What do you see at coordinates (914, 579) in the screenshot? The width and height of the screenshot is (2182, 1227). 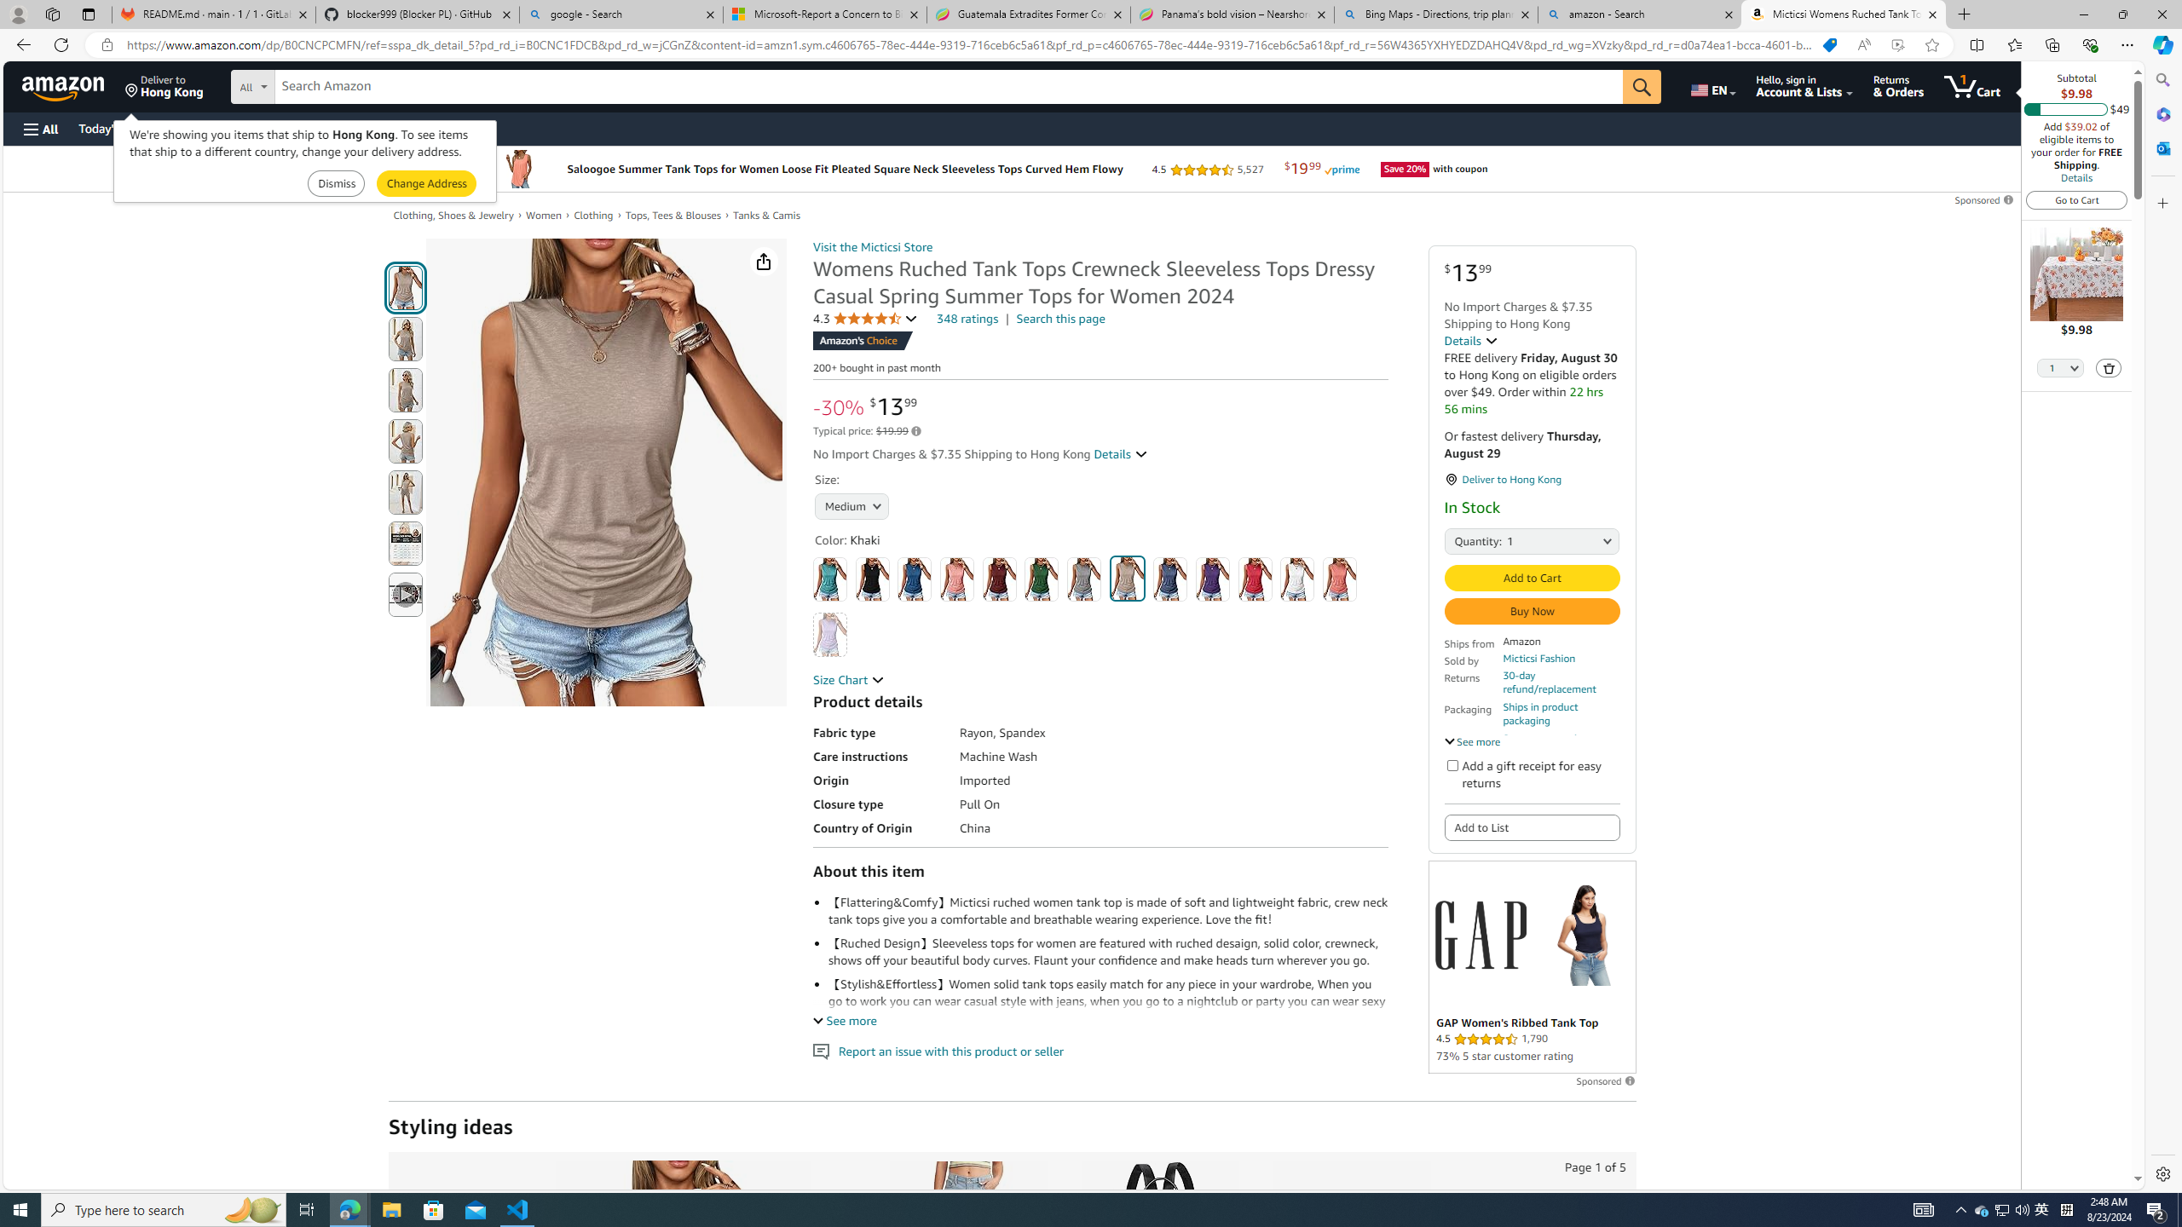 I see `'Blue'` at bounding box center [914, 579].